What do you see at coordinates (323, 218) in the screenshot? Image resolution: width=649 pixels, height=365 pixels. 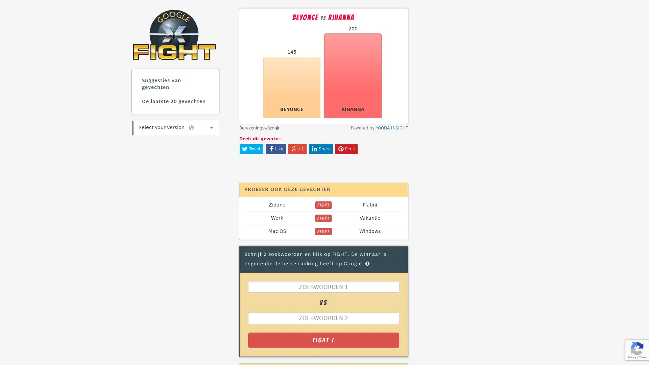 I see `FIGHT` at bounding box center [323, 218].